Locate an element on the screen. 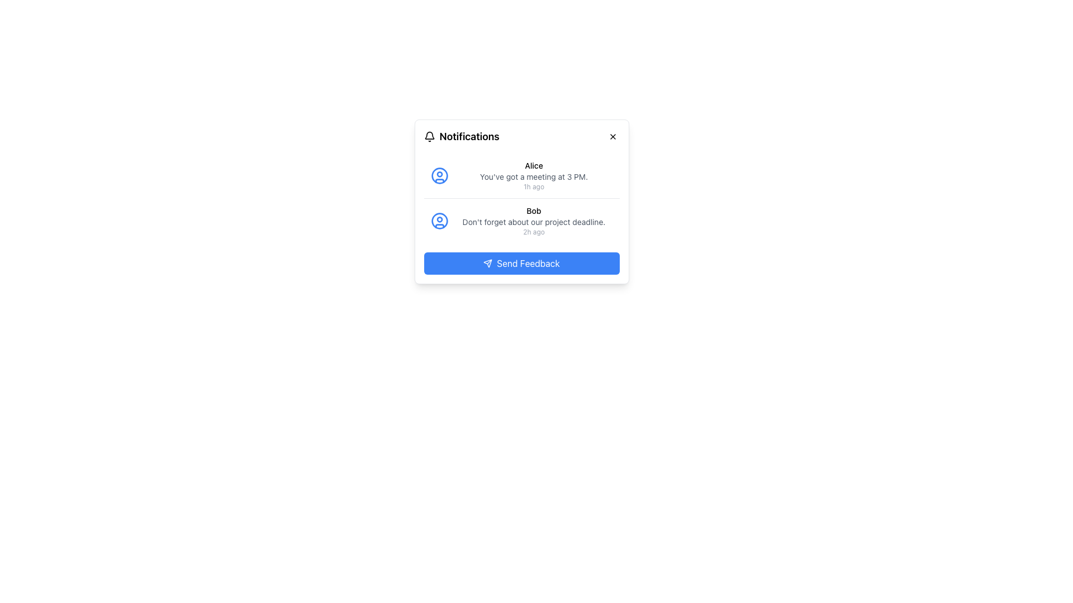 The width and height of the screenshot is (1073, 603). the outermost circular layer of the user icon for the notification titled 'Alice: You've got a meeting at 3 PM.' is located at coordinates (439, 221).